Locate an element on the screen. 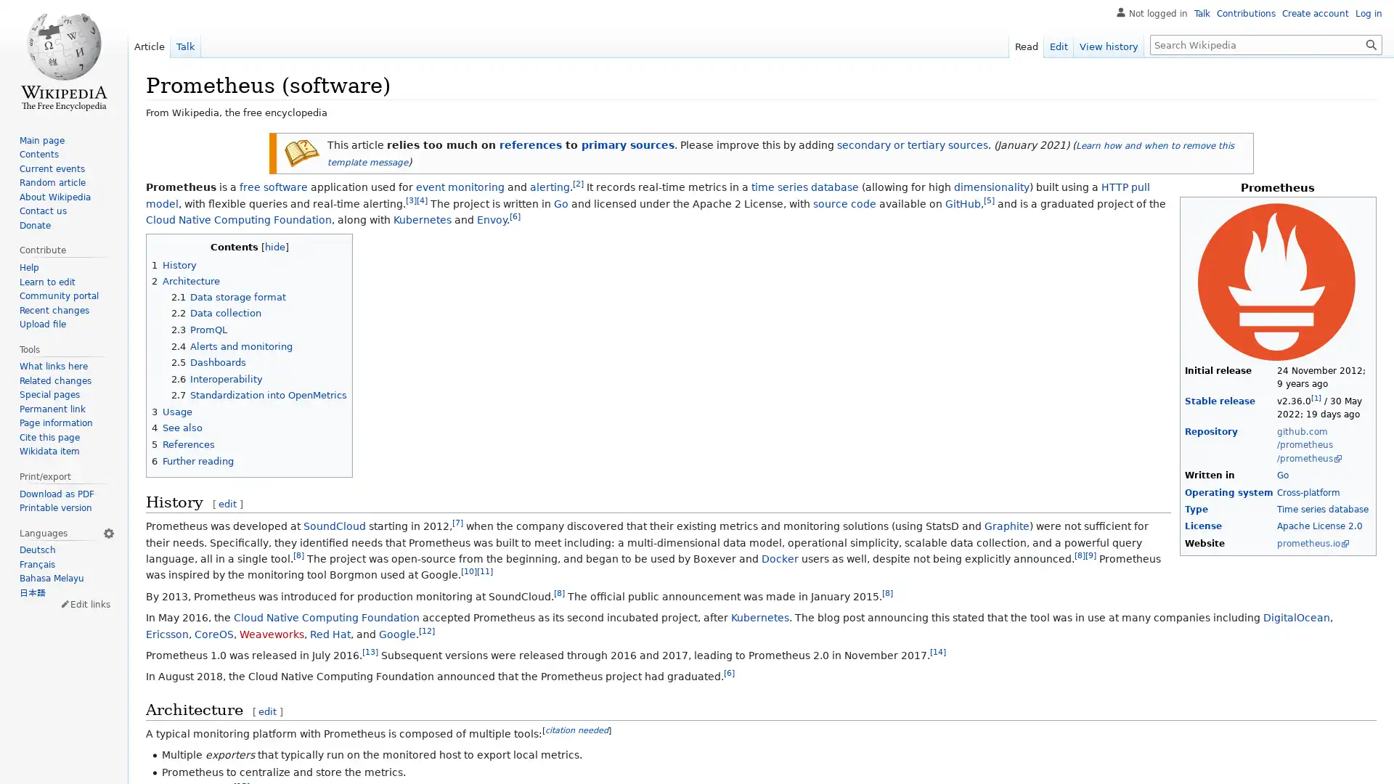 Image resolution: width=1394 pixels, height=784 pixels. Language settings is located at coordinates (107, 532).